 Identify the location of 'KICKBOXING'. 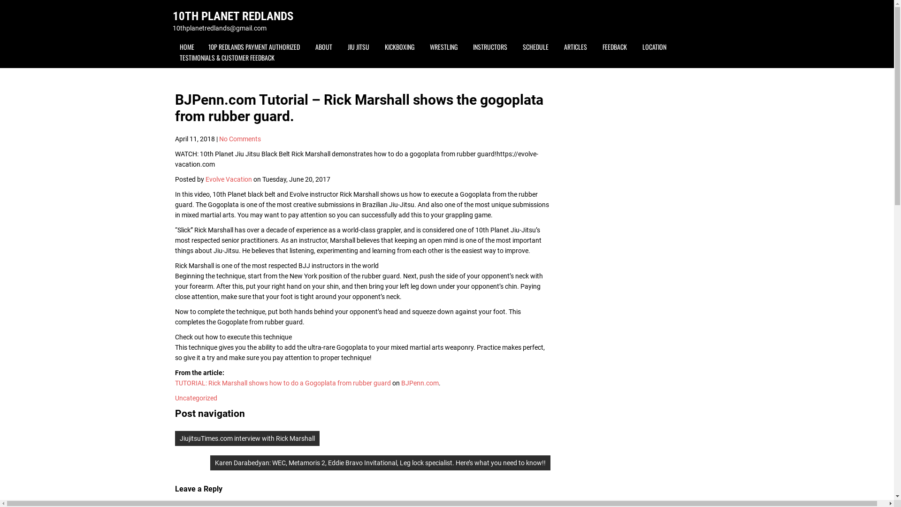
(399, 46).